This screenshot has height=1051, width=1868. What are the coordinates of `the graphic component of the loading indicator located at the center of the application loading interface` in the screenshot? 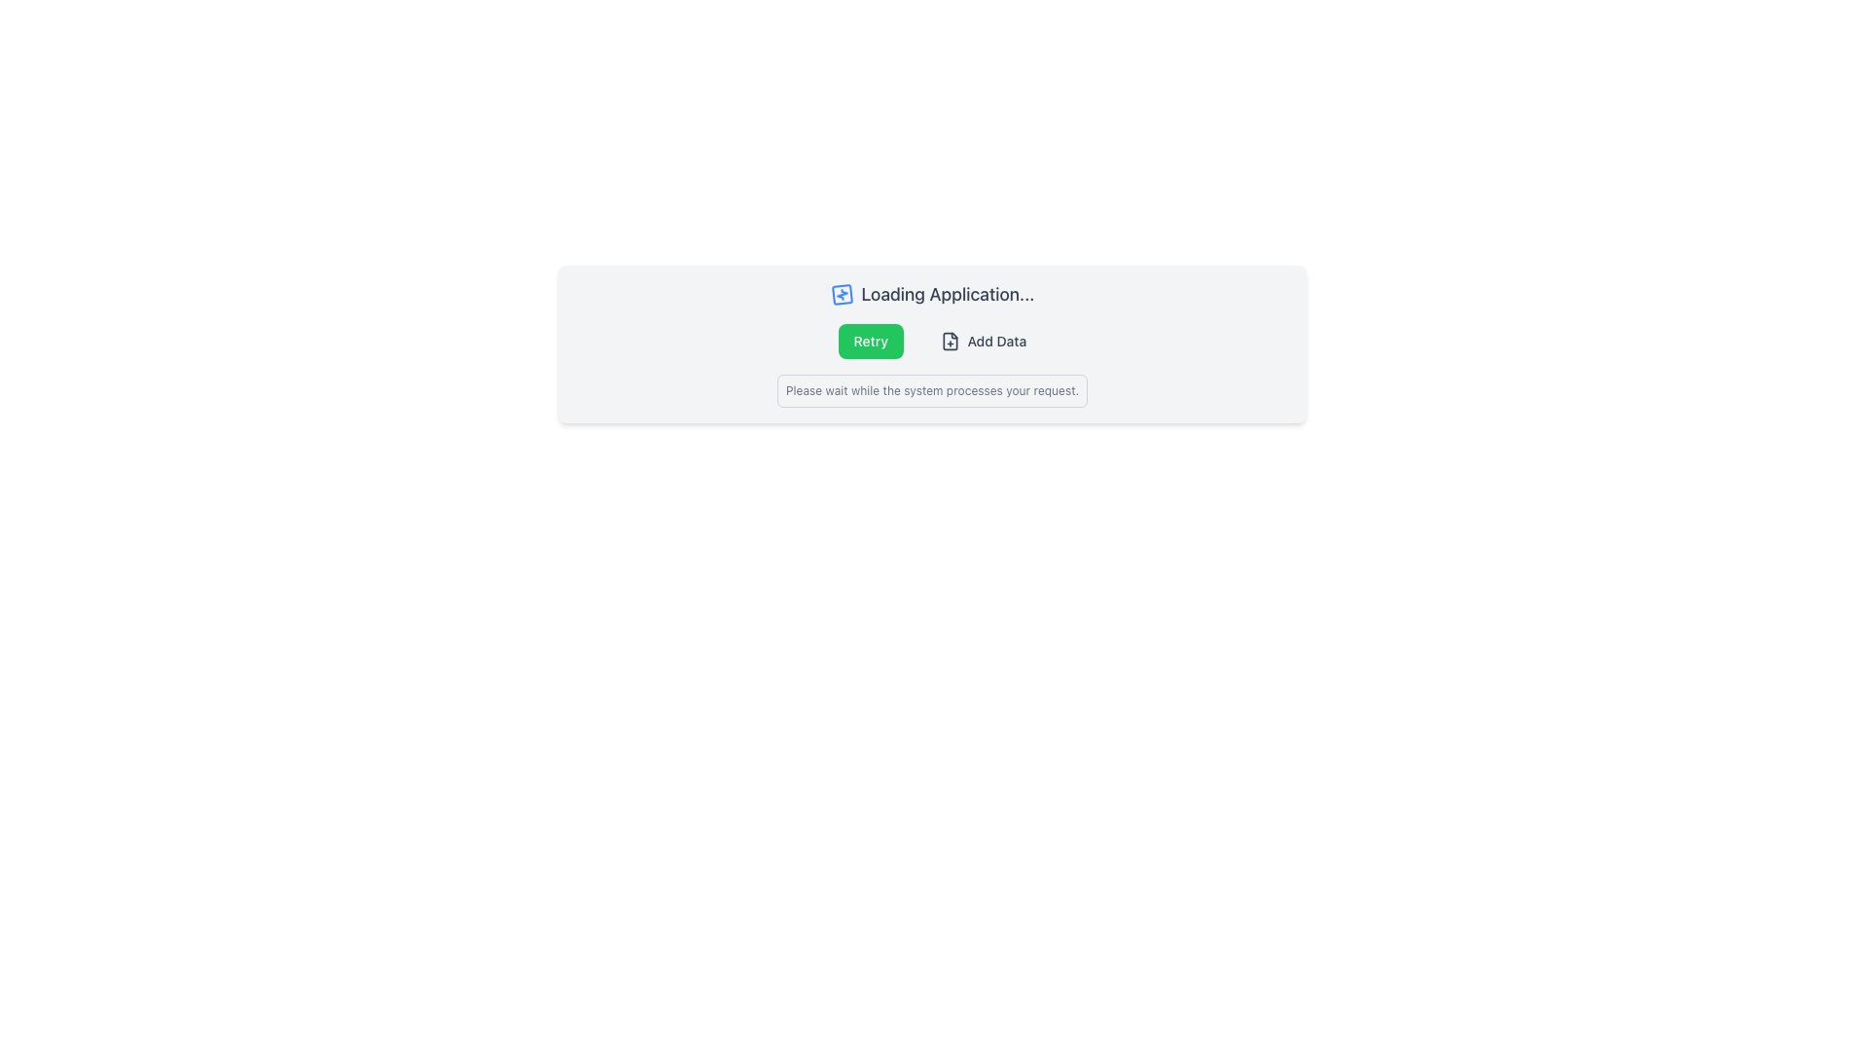 It's located at (842, 295).